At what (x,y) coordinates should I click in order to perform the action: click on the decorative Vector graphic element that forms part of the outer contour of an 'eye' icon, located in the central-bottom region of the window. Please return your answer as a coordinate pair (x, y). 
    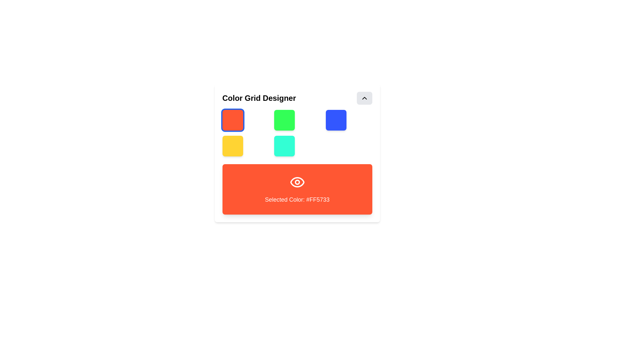
    Looking at the image, I should click on (297, 182).